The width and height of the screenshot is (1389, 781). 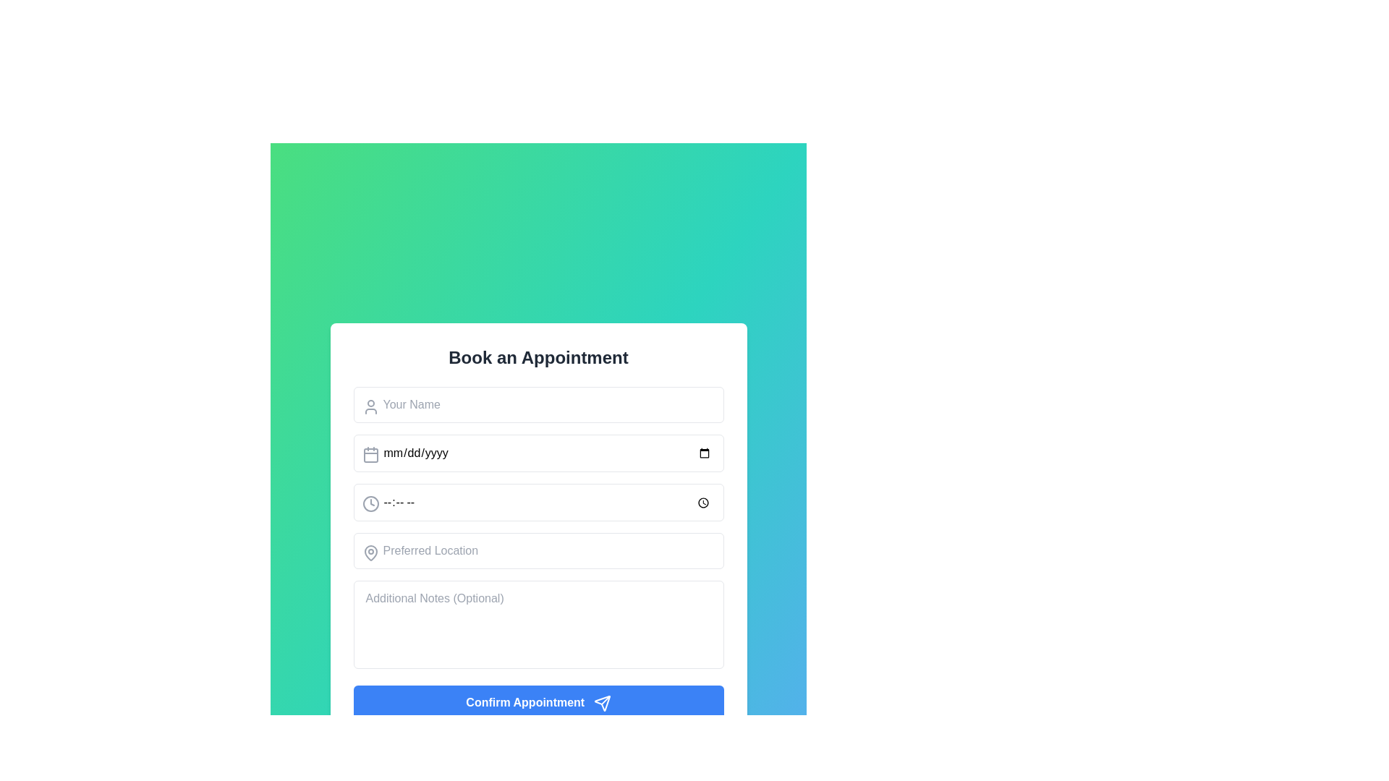 I want to click on the multi-line text area for additional notes located below the input fields for name, date, time, and location in the 'Book an Appointment' form, so click(x=538, y=624).